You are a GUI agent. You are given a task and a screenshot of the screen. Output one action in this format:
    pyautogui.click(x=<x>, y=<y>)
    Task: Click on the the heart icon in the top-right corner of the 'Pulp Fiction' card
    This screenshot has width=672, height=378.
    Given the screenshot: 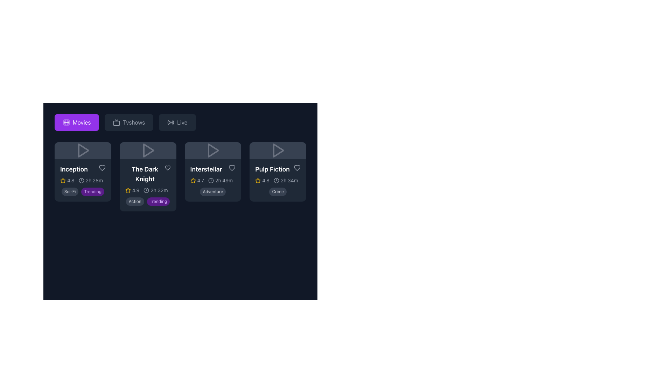 What is the action you would take?
    pyautogui.click(x=297, y=168)
    